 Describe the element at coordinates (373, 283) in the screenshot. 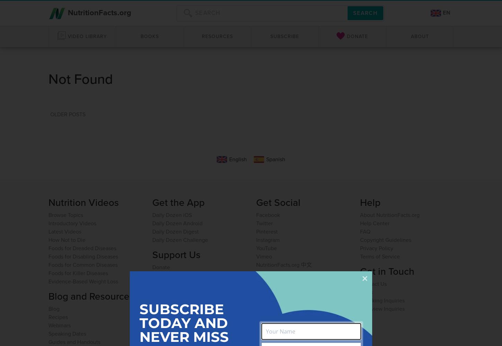

I see `'Contact Us'` at that location.